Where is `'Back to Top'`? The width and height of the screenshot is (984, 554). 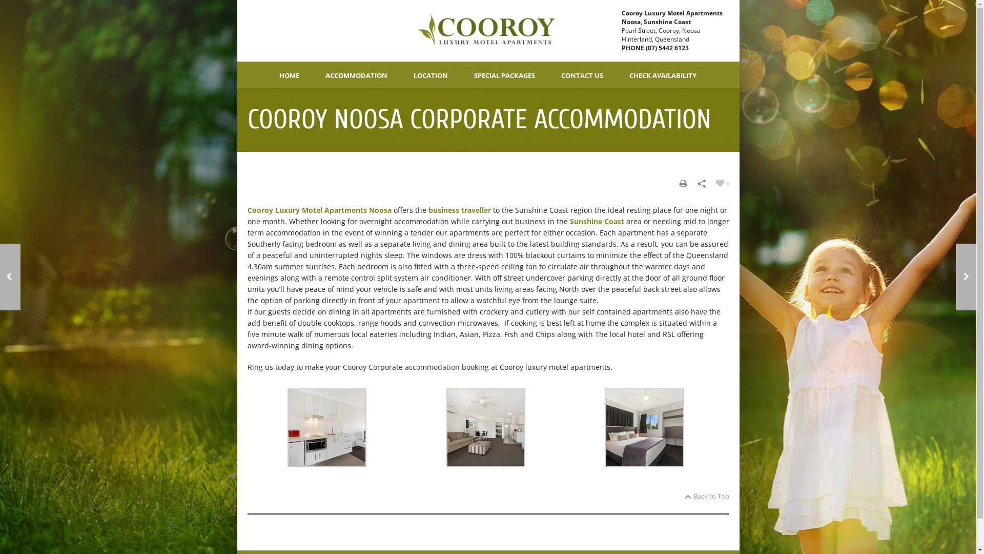 'Back to Top' is located at coordinates (706, 496).